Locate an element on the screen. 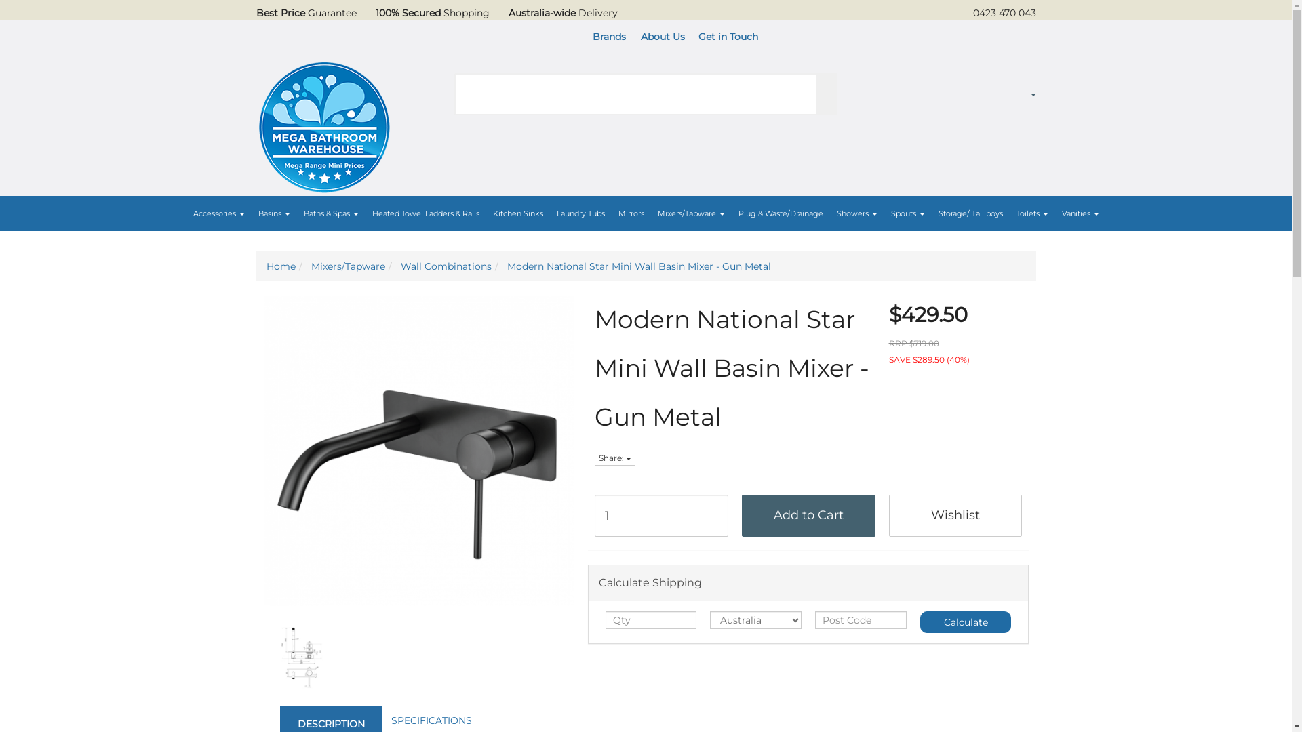  'Storage/ Tall boys' is located at coordinates (930, 213).